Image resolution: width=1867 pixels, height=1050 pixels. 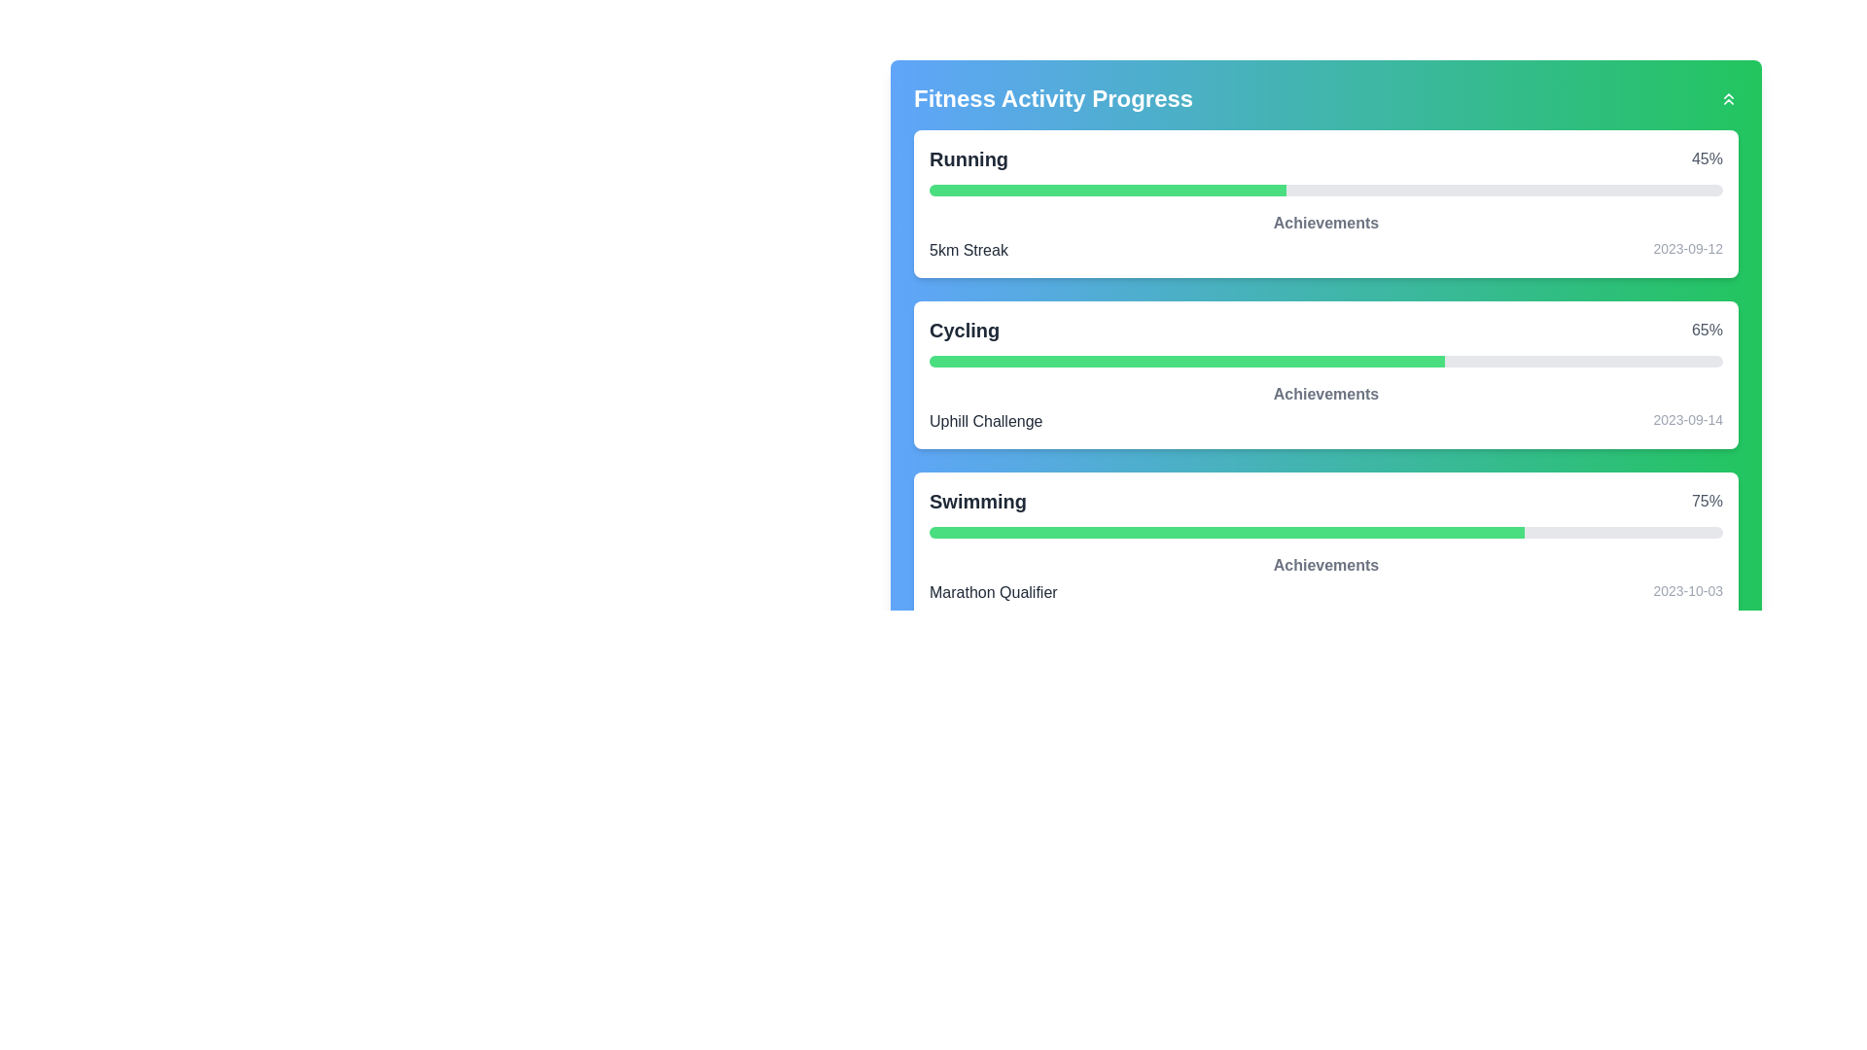 What do you see at coordinates (1052, 98) in the screenshot?
I see `the heading text labeled 'Fitness Activity Progress' located at the top of the interface, styled in large, bold font against a gradient blue-to-green background` at bounding box center [1052, 98].